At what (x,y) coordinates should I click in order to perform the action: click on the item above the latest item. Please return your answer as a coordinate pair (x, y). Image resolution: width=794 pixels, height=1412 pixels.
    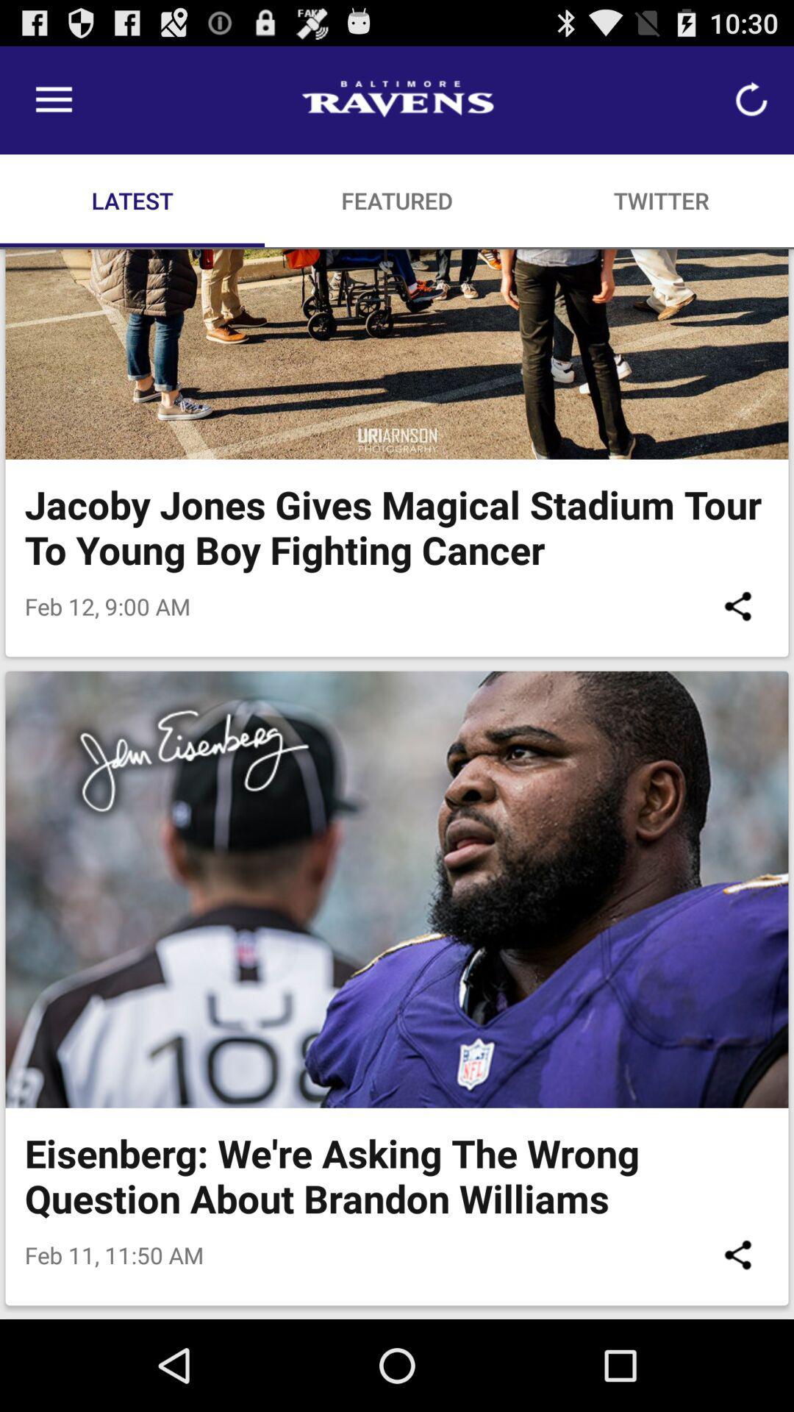
    Looking at the image, I should click on (53, 99).